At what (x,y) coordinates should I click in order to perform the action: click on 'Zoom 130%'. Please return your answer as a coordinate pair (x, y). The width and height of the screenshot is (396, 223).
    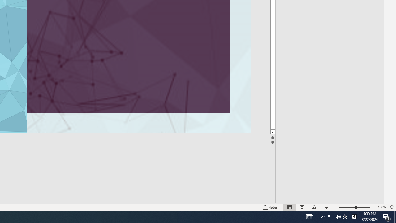
    Looking at the image, I should click on (381, 207).